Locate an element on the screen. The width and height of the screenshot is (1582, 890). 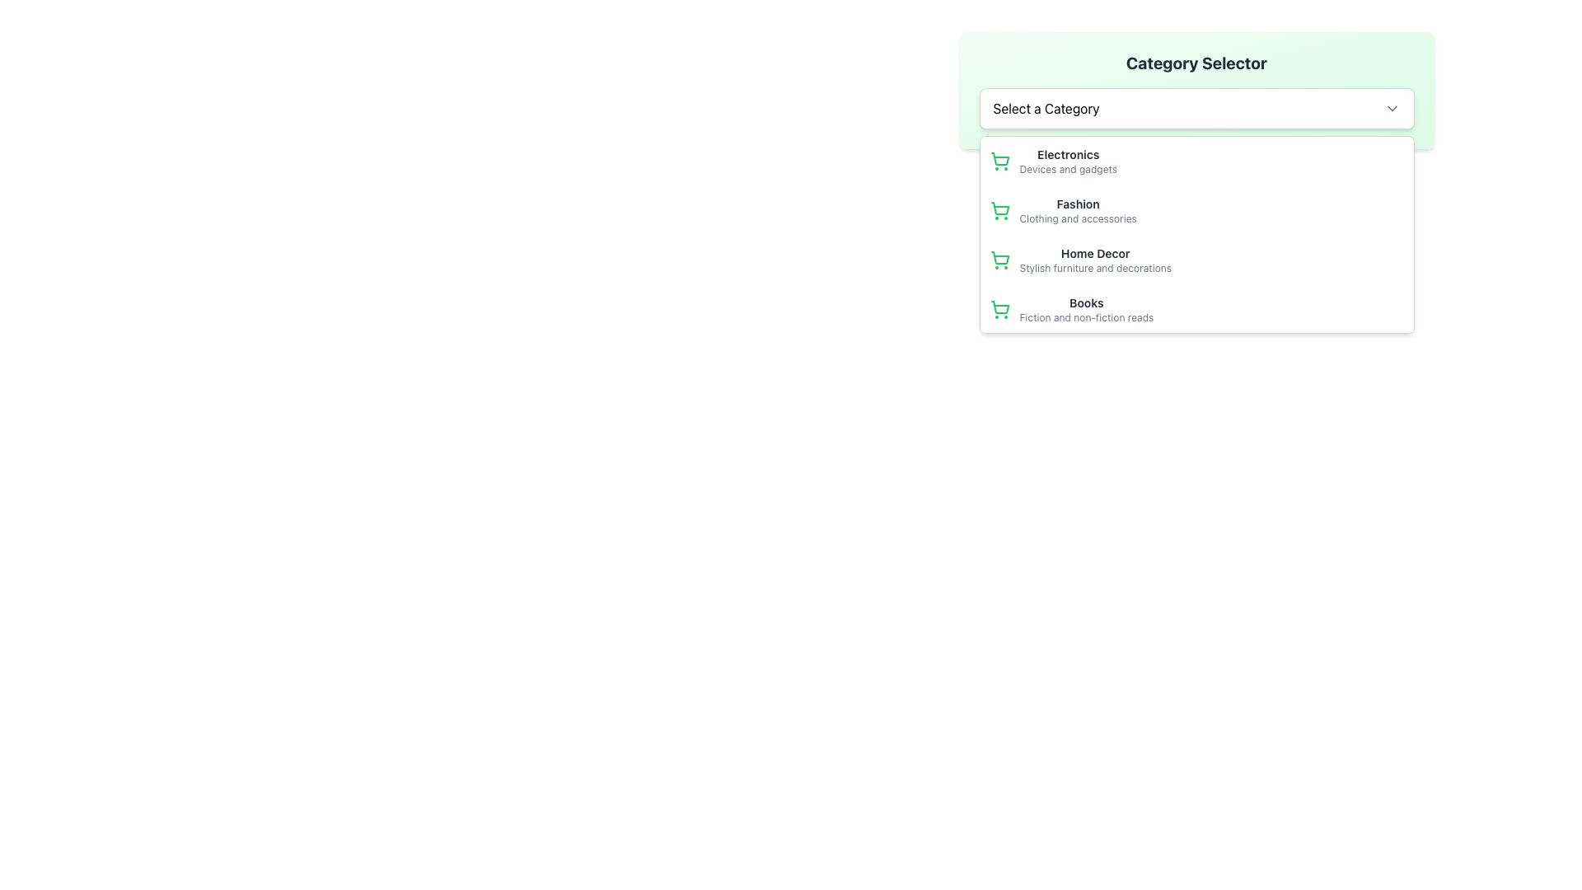
the first list item representing the 'Electronics' category in the dropdown menu titled 'Select a Category' is located at coordinates (1196, 162).